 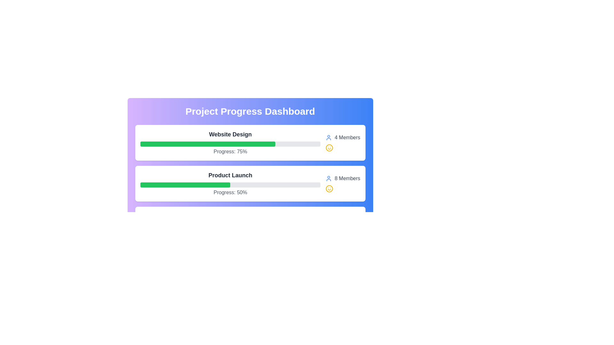 I want to click on the Progress bar fill indicator representing 75% completion of the 'Website Design' task, so click(x=208, y=144).